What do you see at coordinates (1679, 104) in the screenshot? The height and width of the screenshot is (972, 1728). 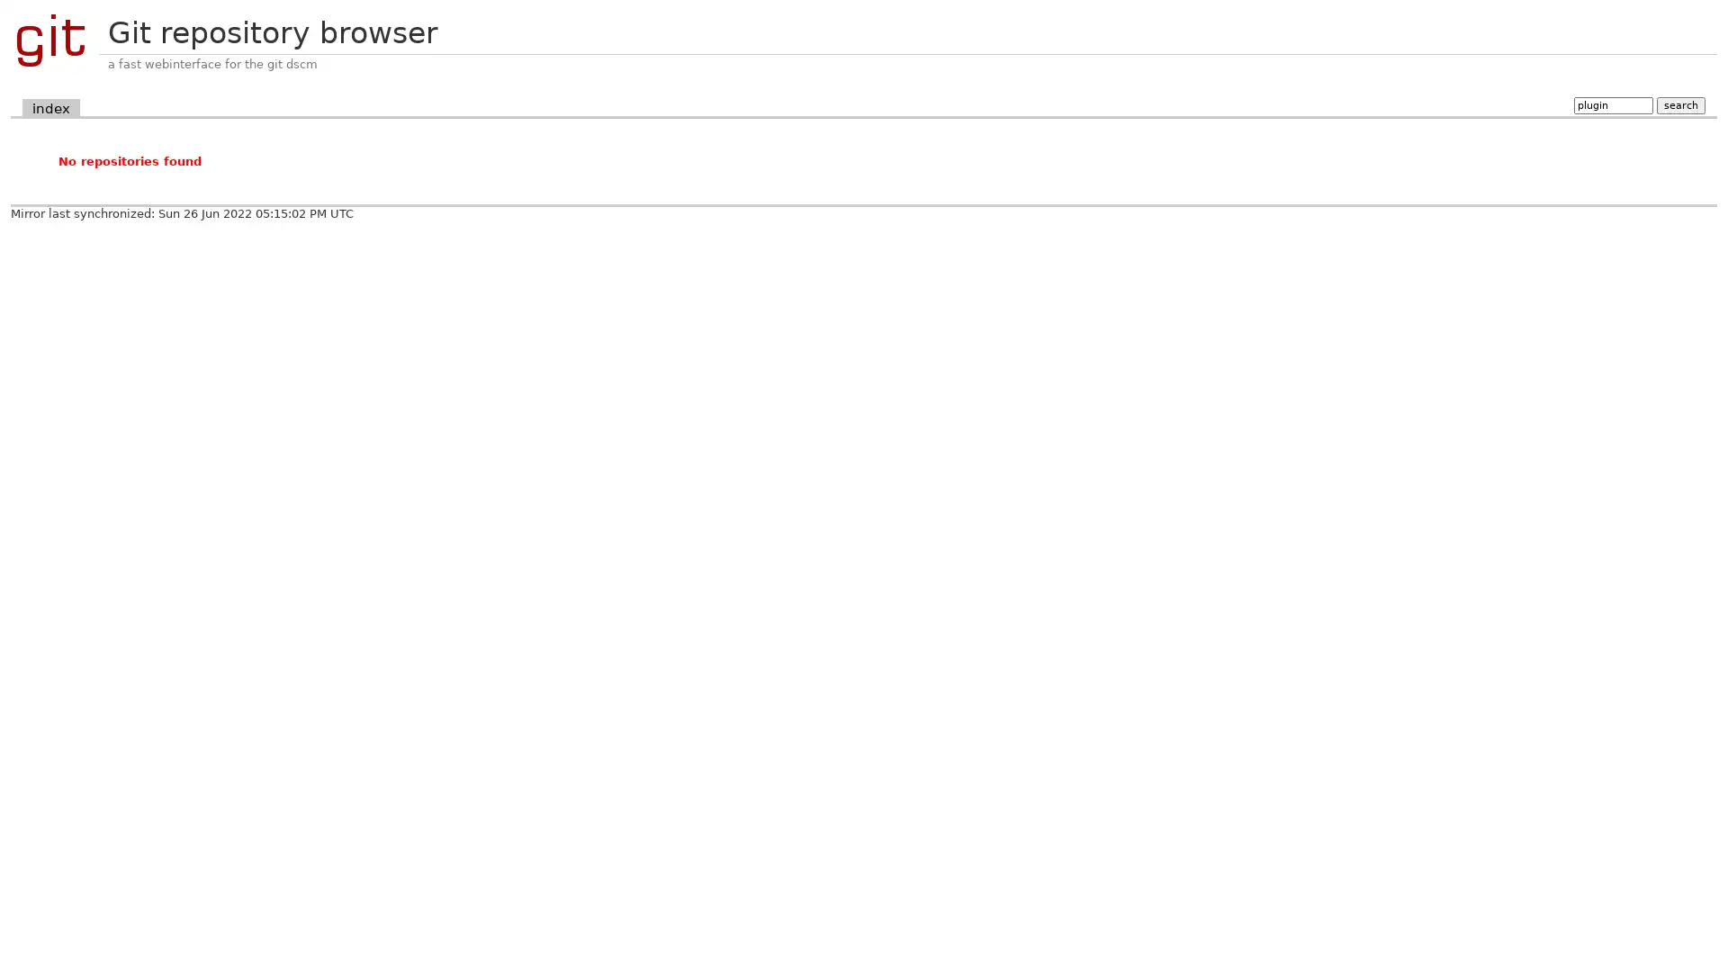 I see `search` at bounding box center [1679, 104].